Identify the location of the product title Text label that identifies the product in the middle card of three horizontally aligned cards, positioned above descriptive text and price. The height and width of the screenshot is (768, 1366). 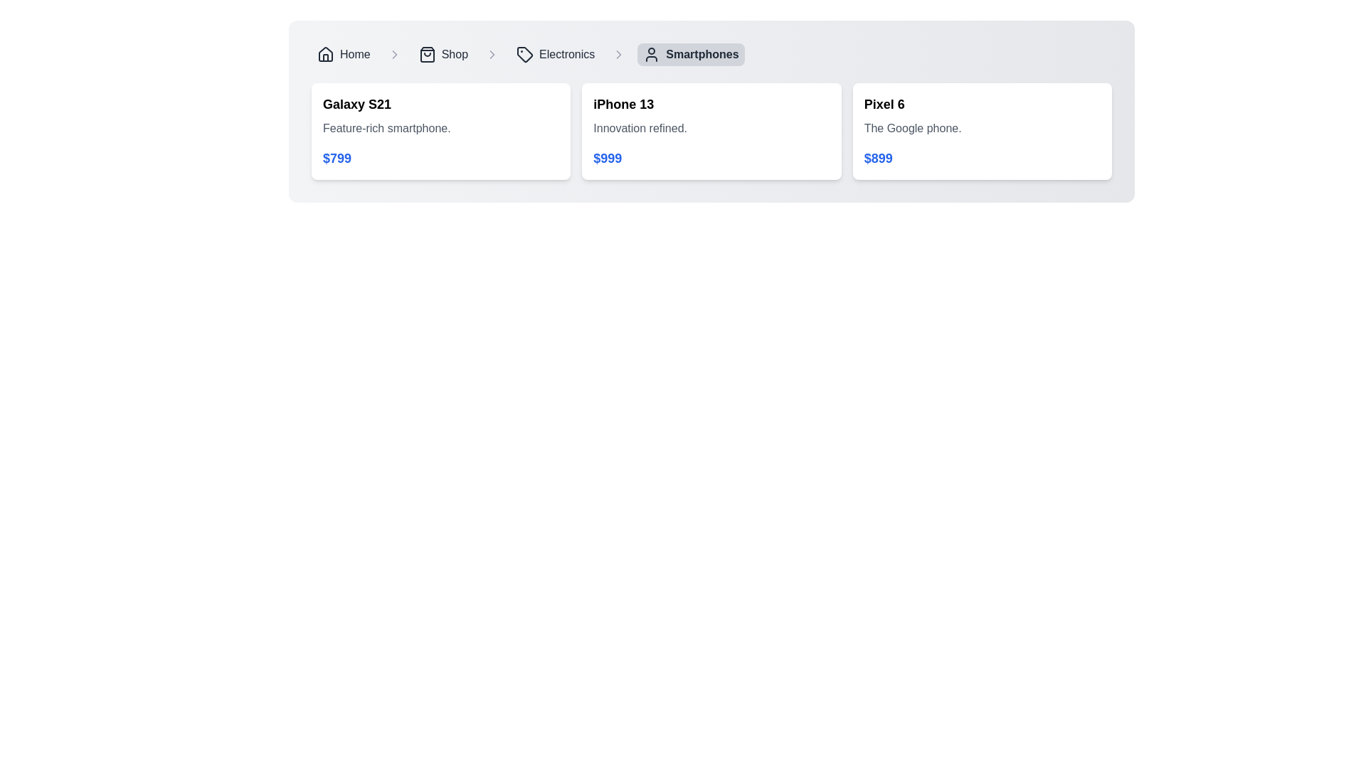
(623, 103).